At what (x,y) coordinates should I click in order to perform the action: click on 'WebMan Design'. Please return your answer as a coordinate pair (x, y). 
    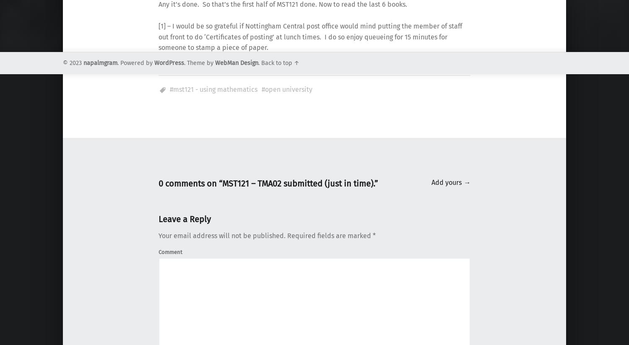
    Looking at the image, I should click on (236, 62).